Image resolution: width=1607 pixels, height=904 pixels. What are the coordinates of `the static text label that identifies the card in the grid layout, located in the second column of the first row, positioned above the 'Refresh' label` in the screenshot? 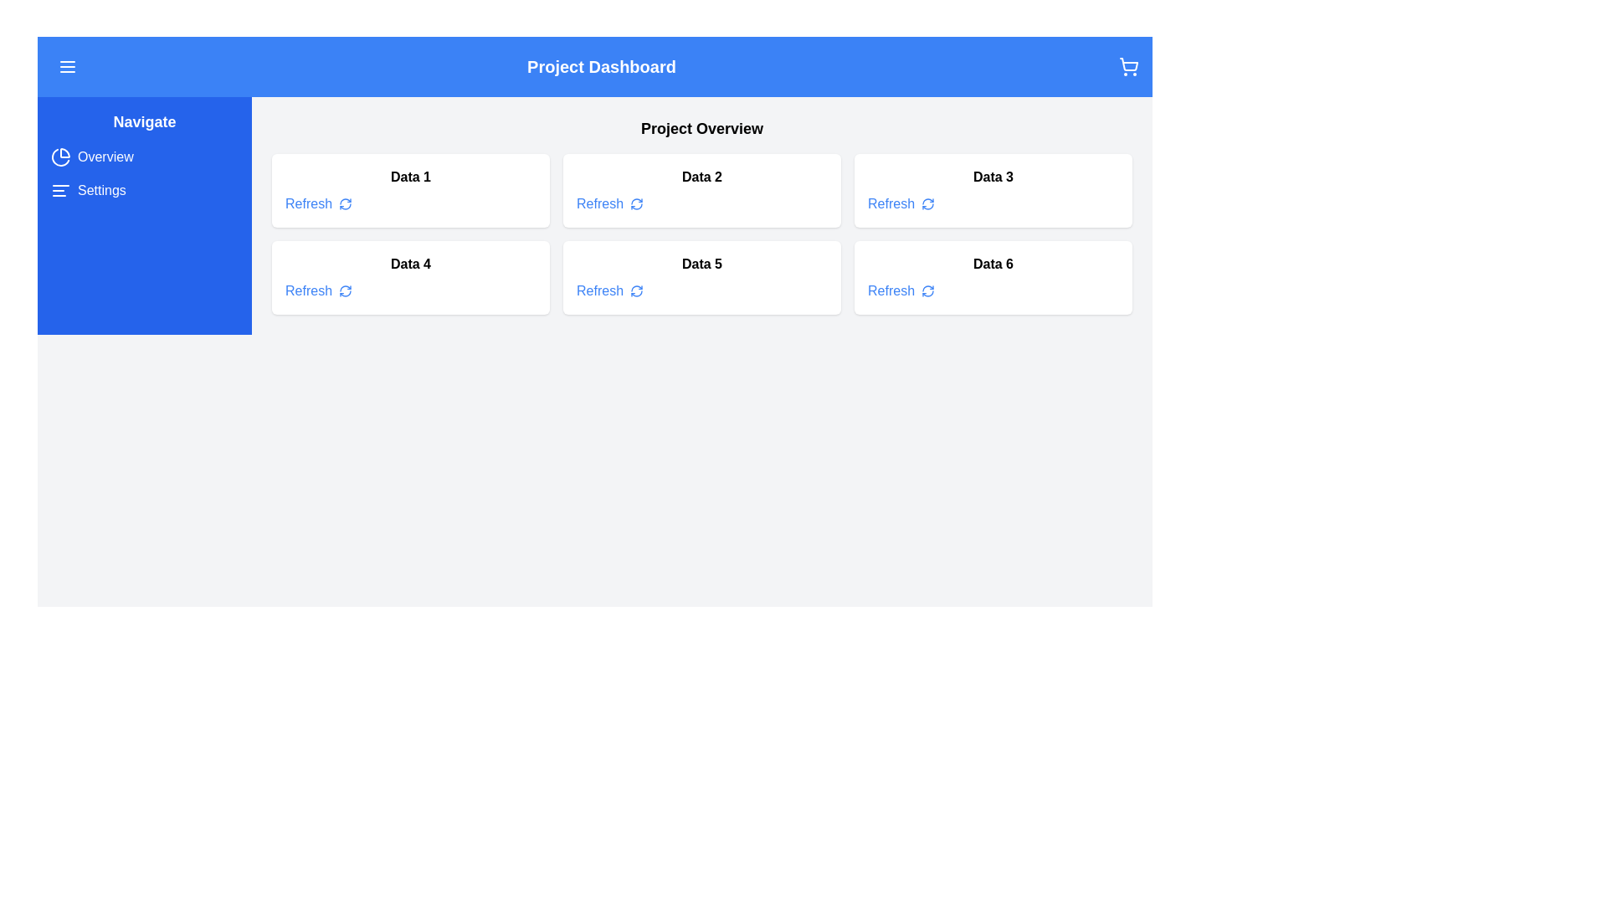 It's located at (702, 177).